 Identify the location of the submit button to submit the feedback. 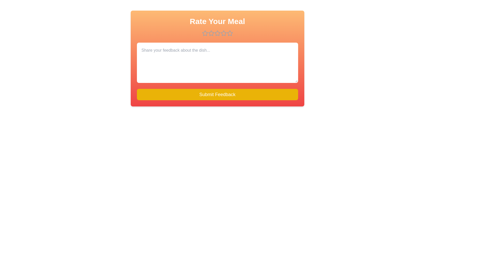
(217, 95).